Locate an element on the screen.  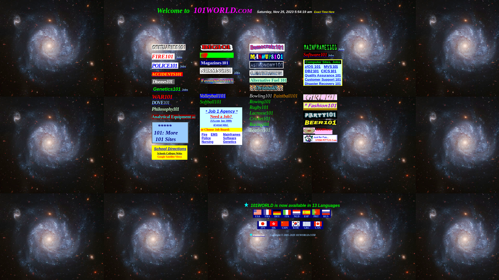
'USA' is located at coordinates (257, 216).